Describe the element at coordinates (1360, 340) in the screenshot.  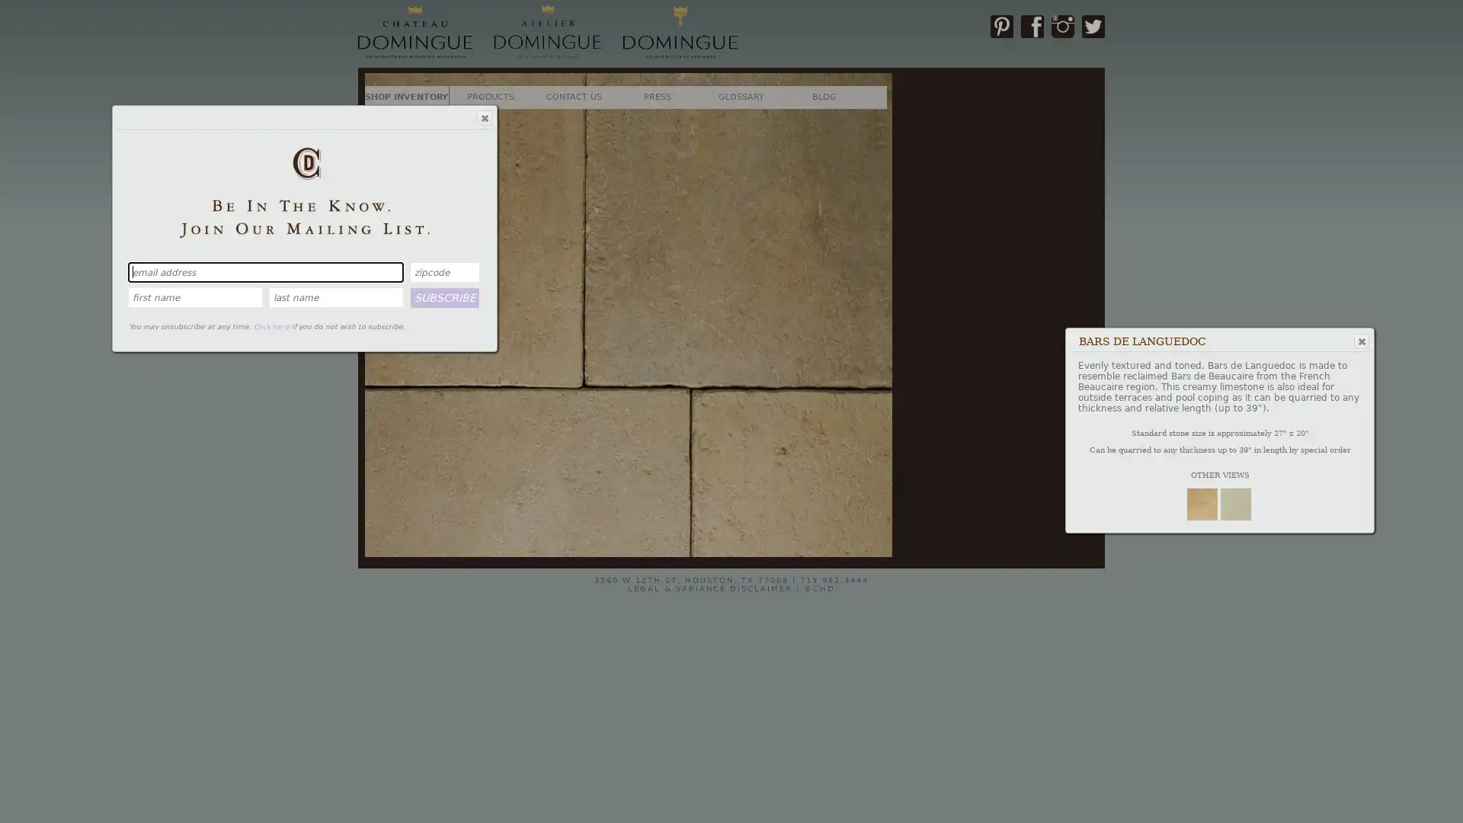
I see `Close` at that location.